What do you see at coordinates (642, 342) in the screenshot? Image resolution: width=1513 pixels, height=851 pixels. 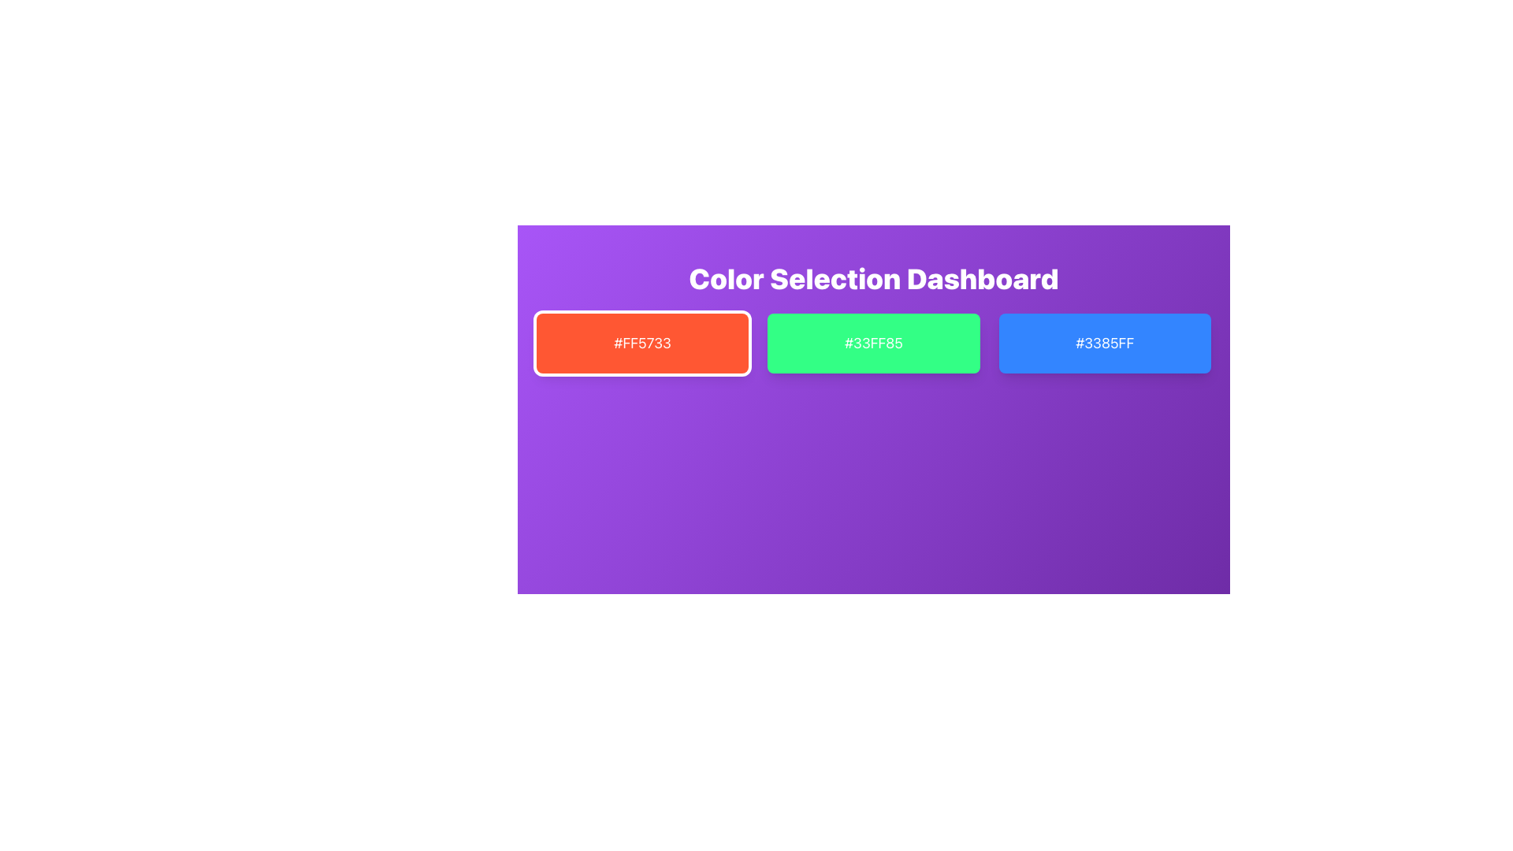 I see `the text displaying the color code '#FF5733' which is styled with a white font against a vibrant red background, located in the first colored rectangle of the 'Color Selection Dashboard'` at bounding box center [642, 342].